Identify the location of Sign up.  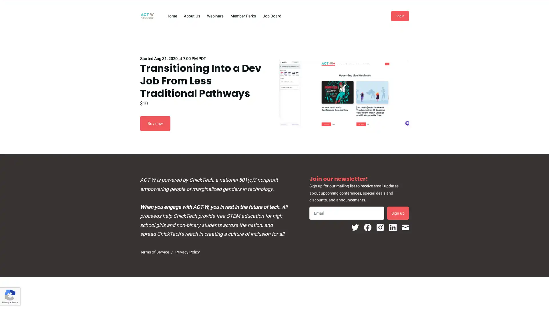
(398, 213).